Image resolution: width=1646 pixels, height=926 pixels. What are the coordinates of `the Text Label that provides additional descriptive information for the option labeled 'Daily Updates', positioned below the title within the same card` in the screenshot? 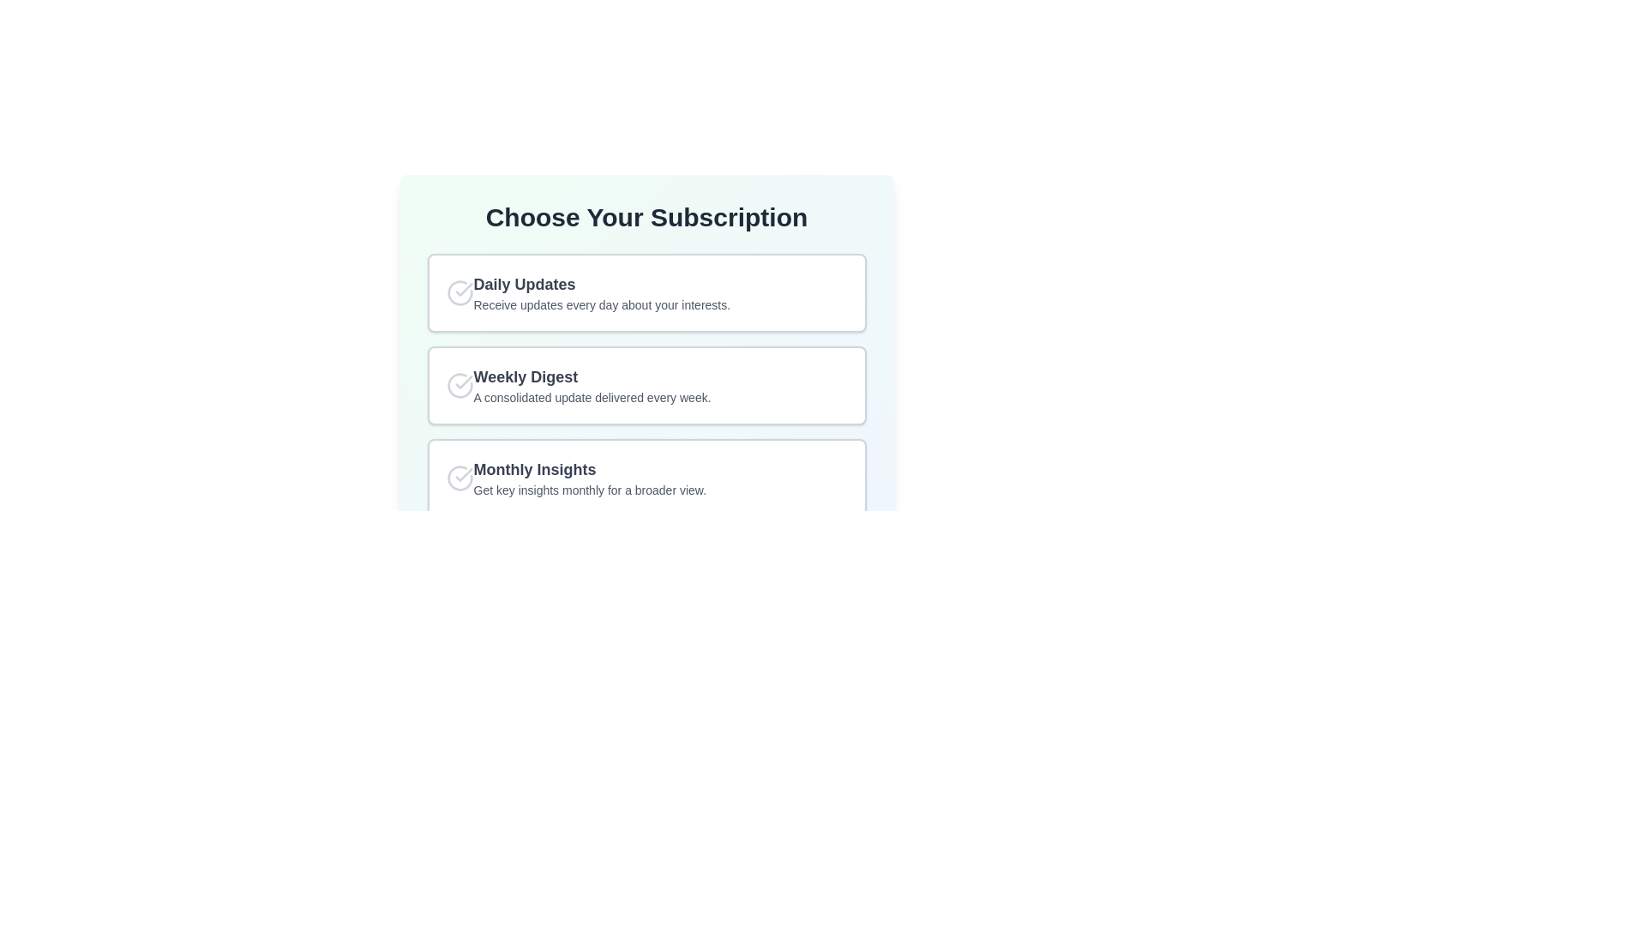 It's located at (602, 304).